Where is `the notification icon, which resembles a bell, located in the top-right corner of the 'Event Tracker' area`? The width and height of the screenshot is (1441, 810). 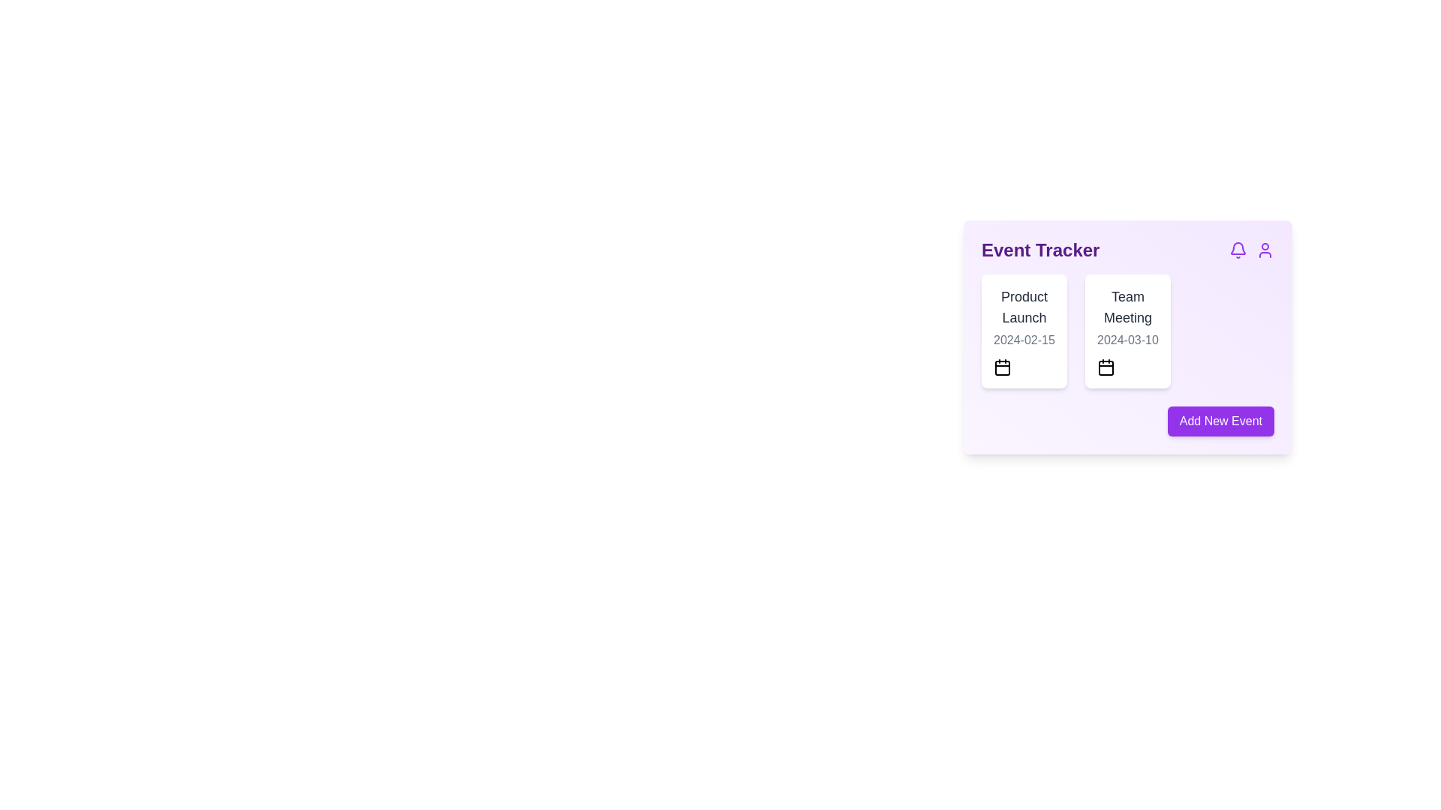 the notification icon, which resembles a bell, located in the top-right corner of the 'Event Tracker' area is located at coordinates (1252, 250).